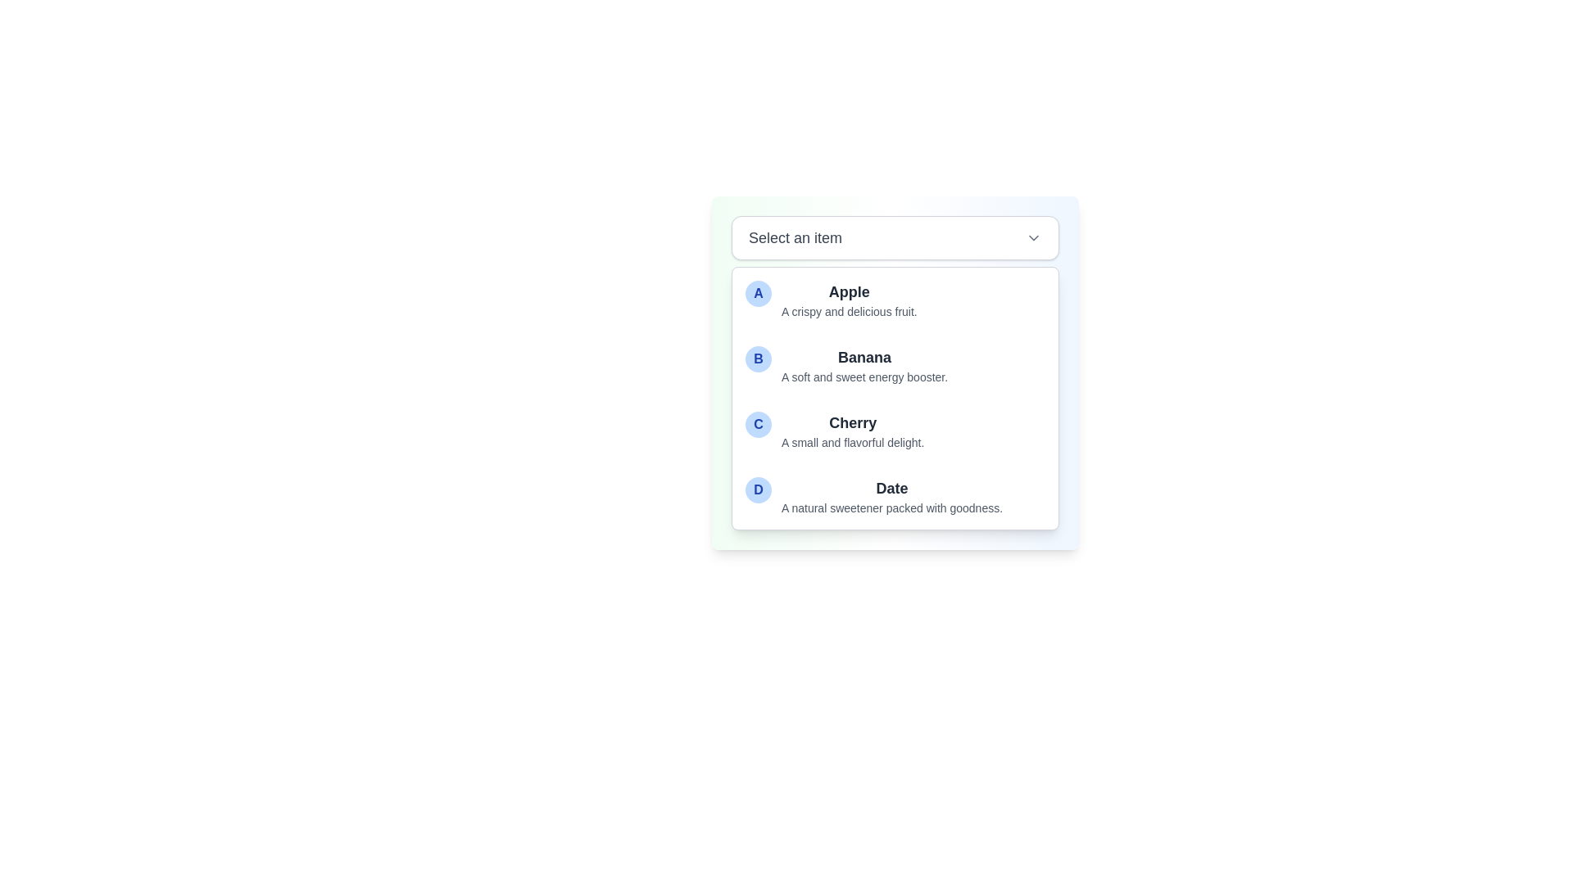 Image resolution: width=1573 pixels, height=884 pixels. Describe the element at coordinates (849, 291) in the screenshot. I see `the label 'Apple' which serves as the title for the corresponding entry in the dropdown-style listbox` at that location.